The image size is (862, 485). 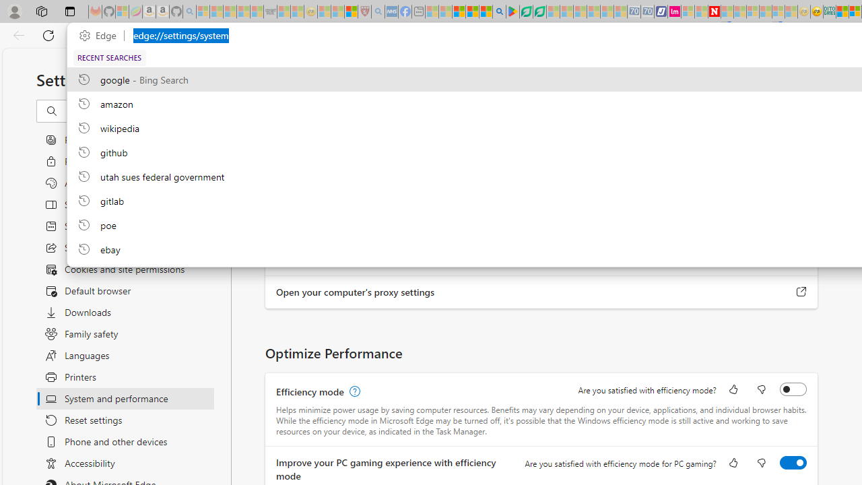 What do you see at coordinates (353, 392) in the screenshot?
I see `'Efficiency mode, learn more'` at bounding box center [353, 392].